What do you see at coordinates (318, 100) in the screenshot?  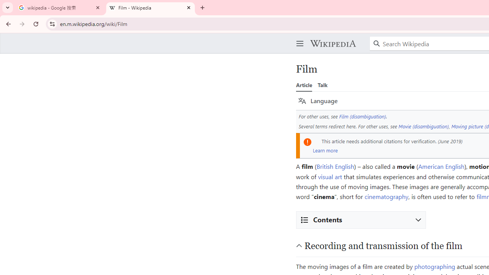 I see `'Language'` at bounding box center [318, 100].